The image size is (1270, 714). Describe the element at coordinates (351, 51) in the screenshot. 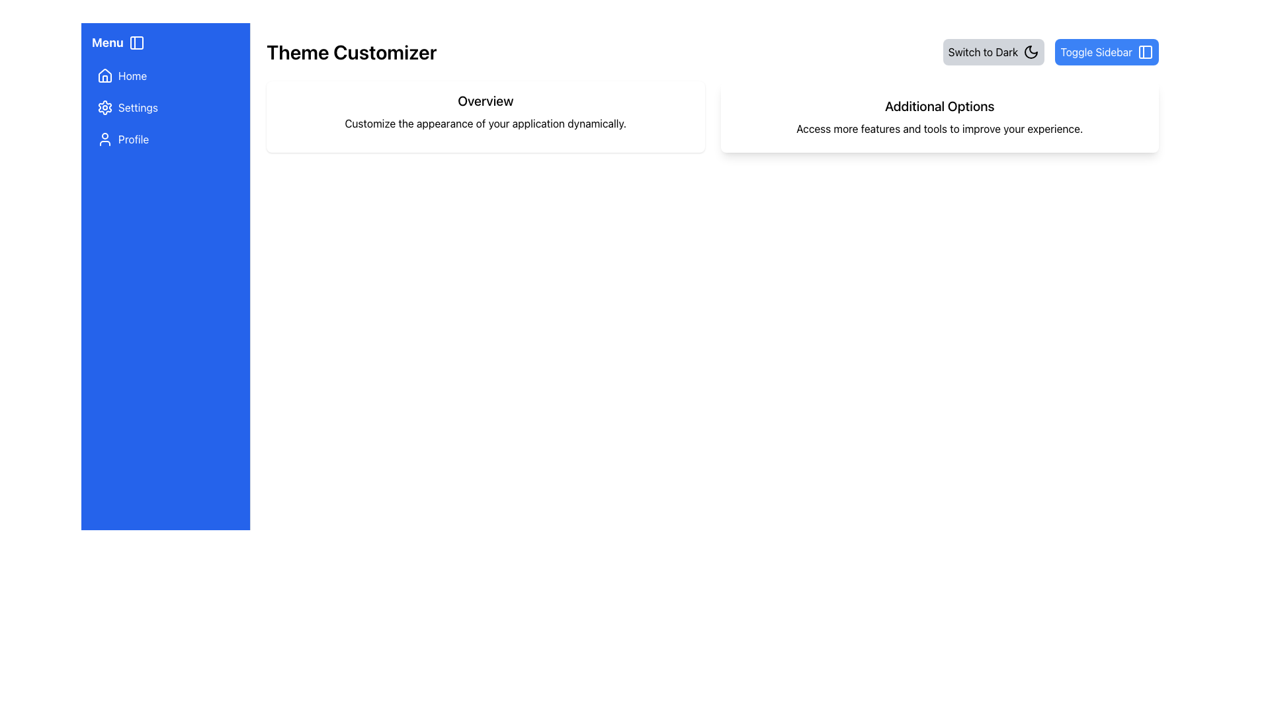

I see `the 'Theme Customizer' text, which is styled in a bold, large font and located at the top-left section of the central content area` at that location.